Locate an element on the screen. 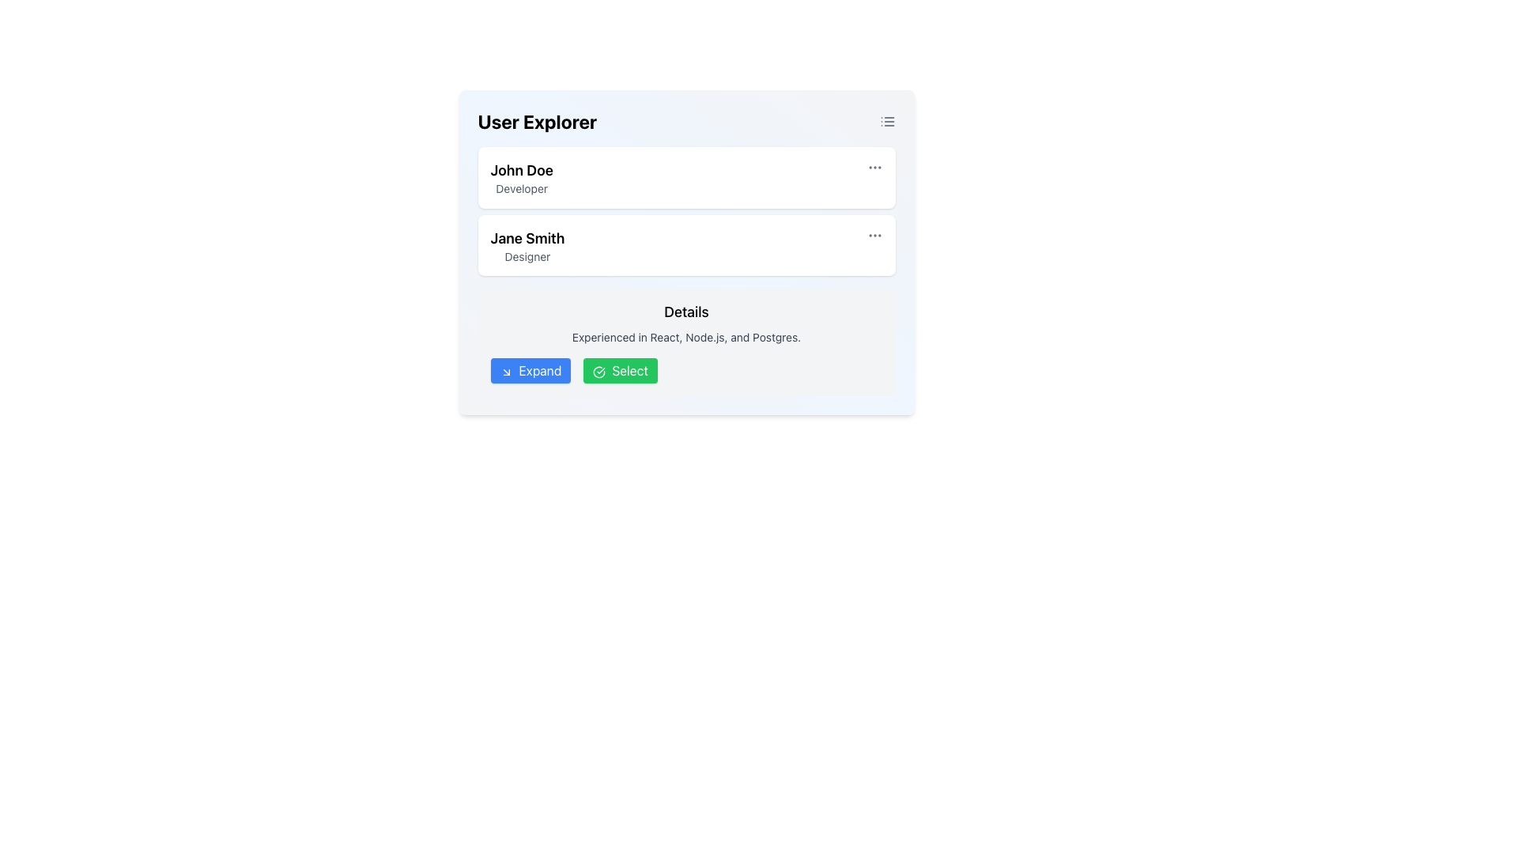  the green 'Select' button with a white checkmark icon, positioned to the right of the 'Expand' button, to observe the color change effect is located at coordinates (620, 371).